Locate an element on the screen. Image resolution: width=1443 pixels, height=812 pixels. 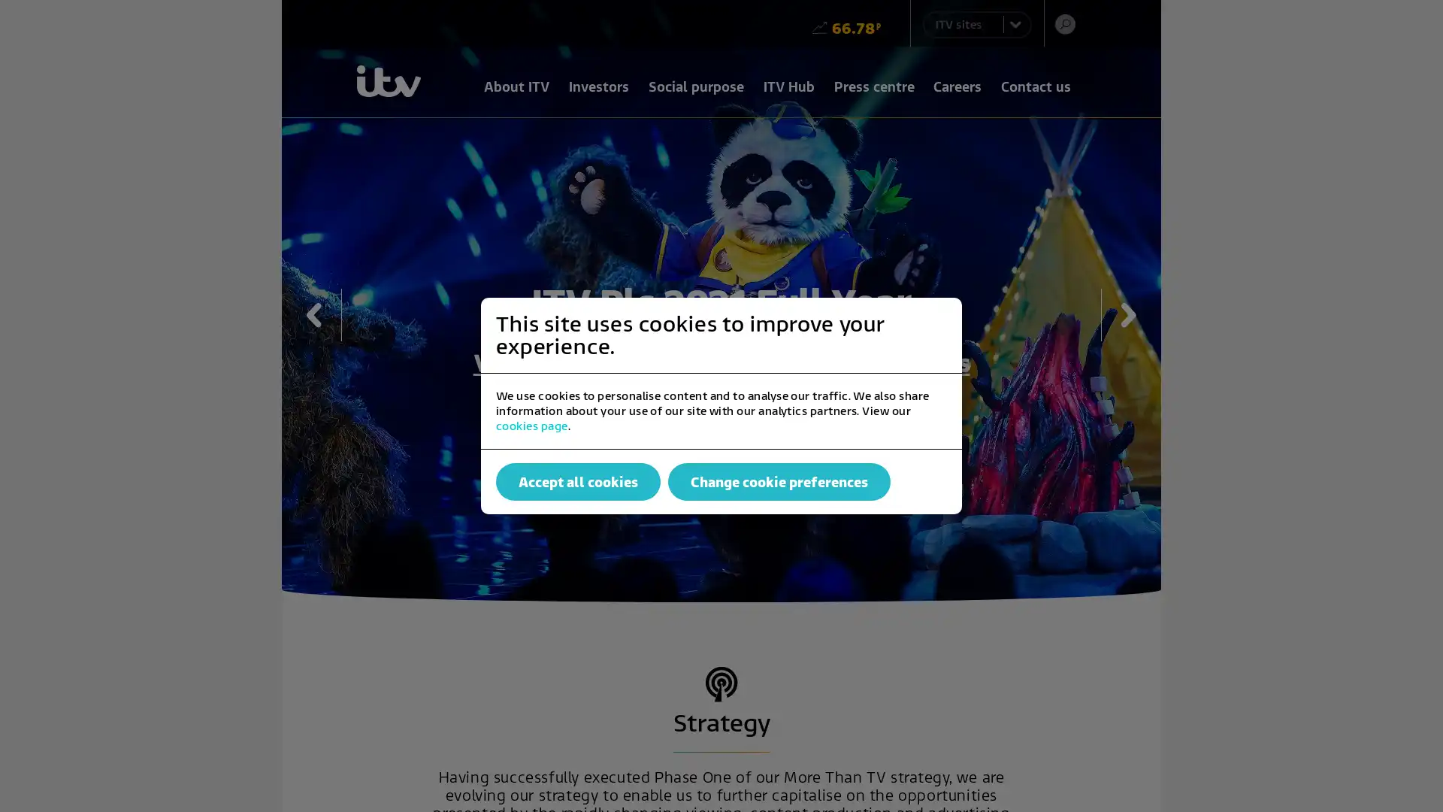
Accept all cookies is located at coordinates (577, 481).